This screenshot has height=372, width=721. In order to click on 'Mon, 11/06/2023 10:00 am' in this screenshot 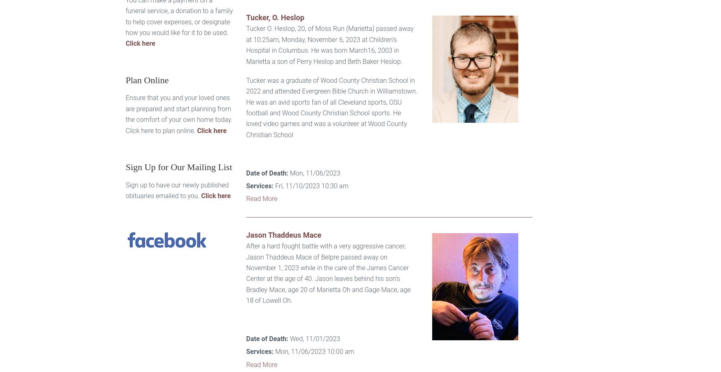, I will do `click(313, 351)`.